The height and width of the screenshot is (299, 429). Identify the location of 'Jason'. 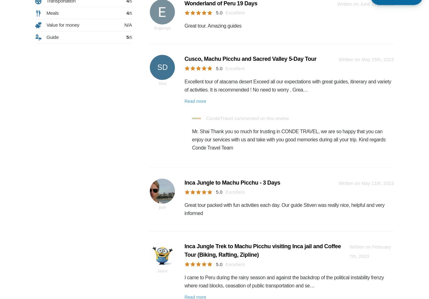
(157, 271).